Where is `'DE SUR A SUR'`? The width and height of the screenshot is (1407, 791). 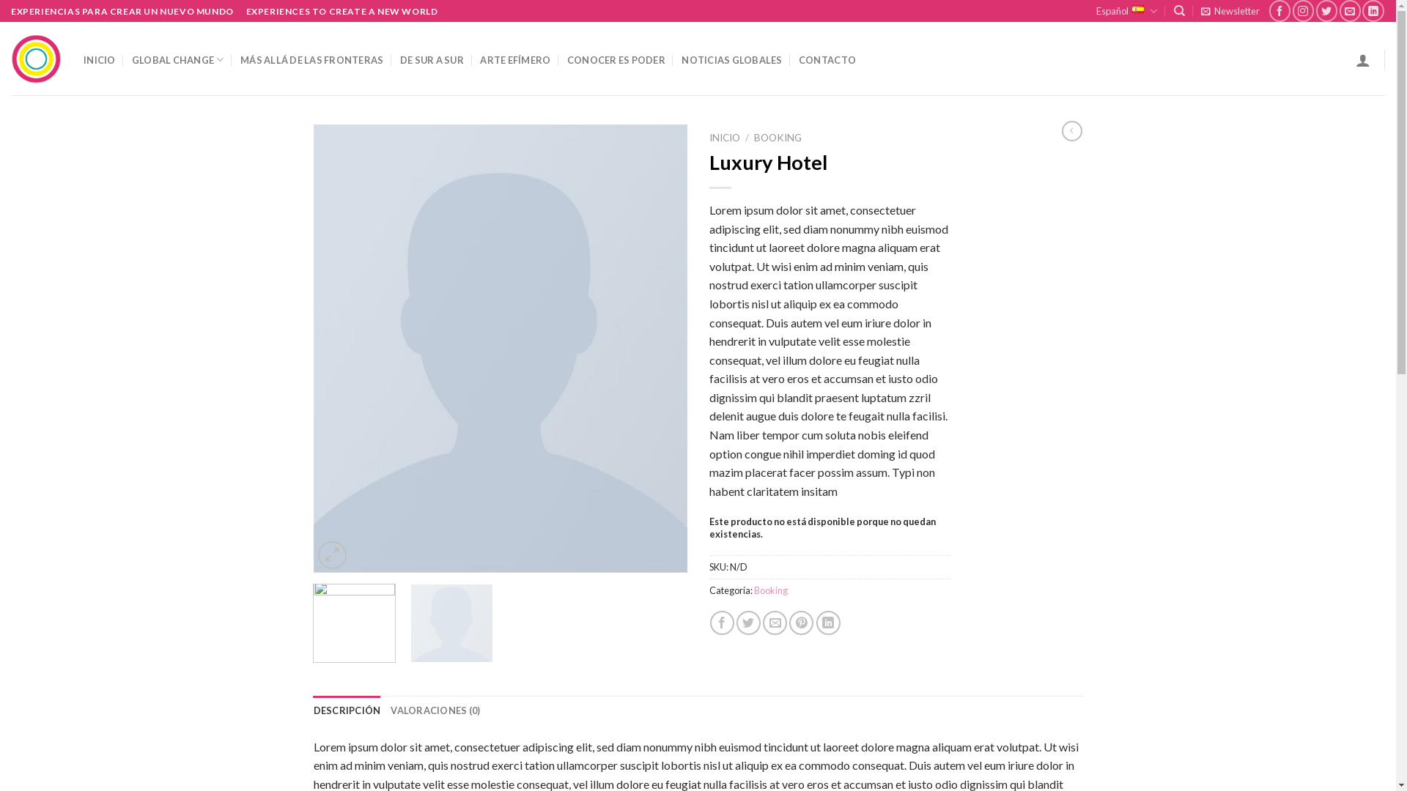 'DE SUR A SUR' is located at coordinates (431, 59).